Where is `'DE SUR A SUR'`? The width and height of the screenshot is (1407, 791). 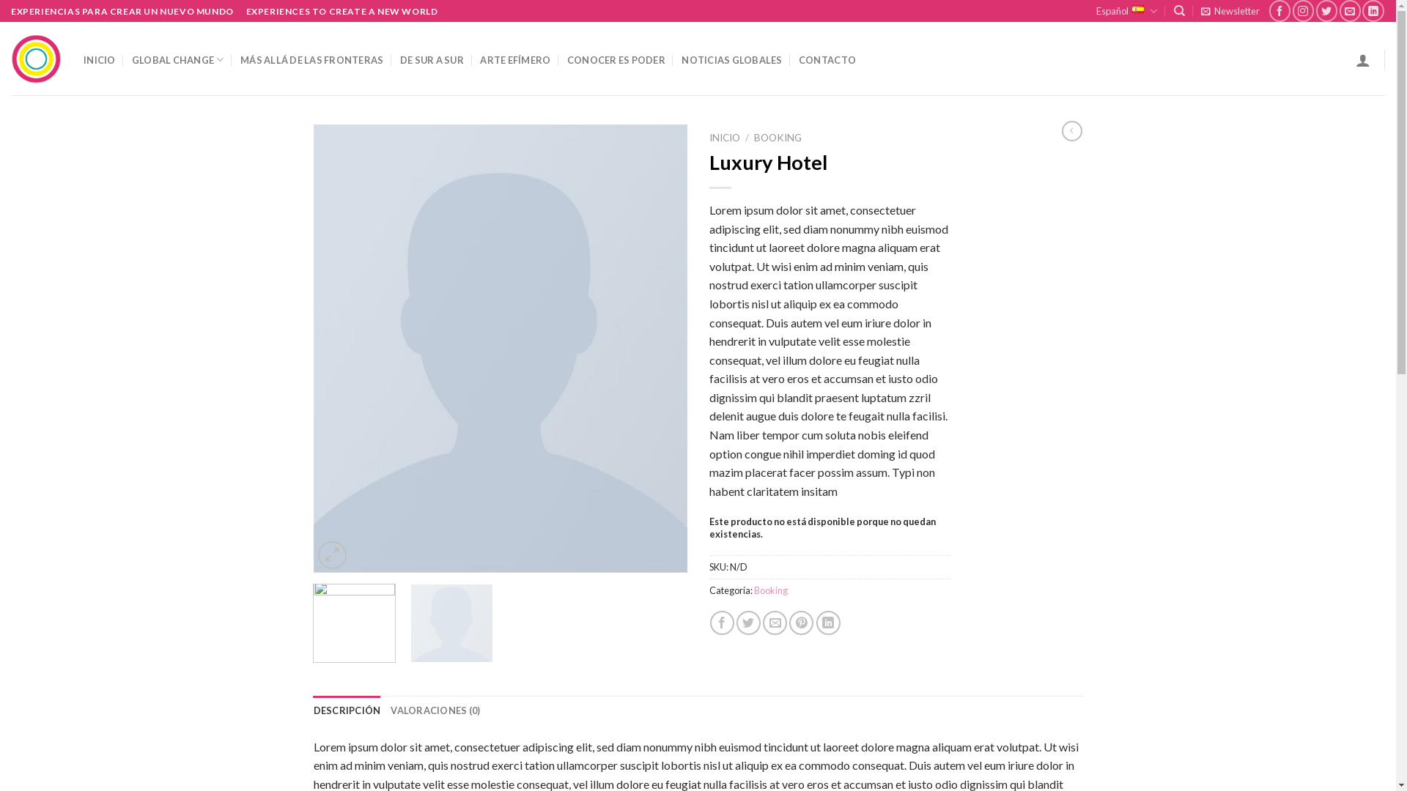 'DE SUR A SUR' is located at coordinates (431, 59).